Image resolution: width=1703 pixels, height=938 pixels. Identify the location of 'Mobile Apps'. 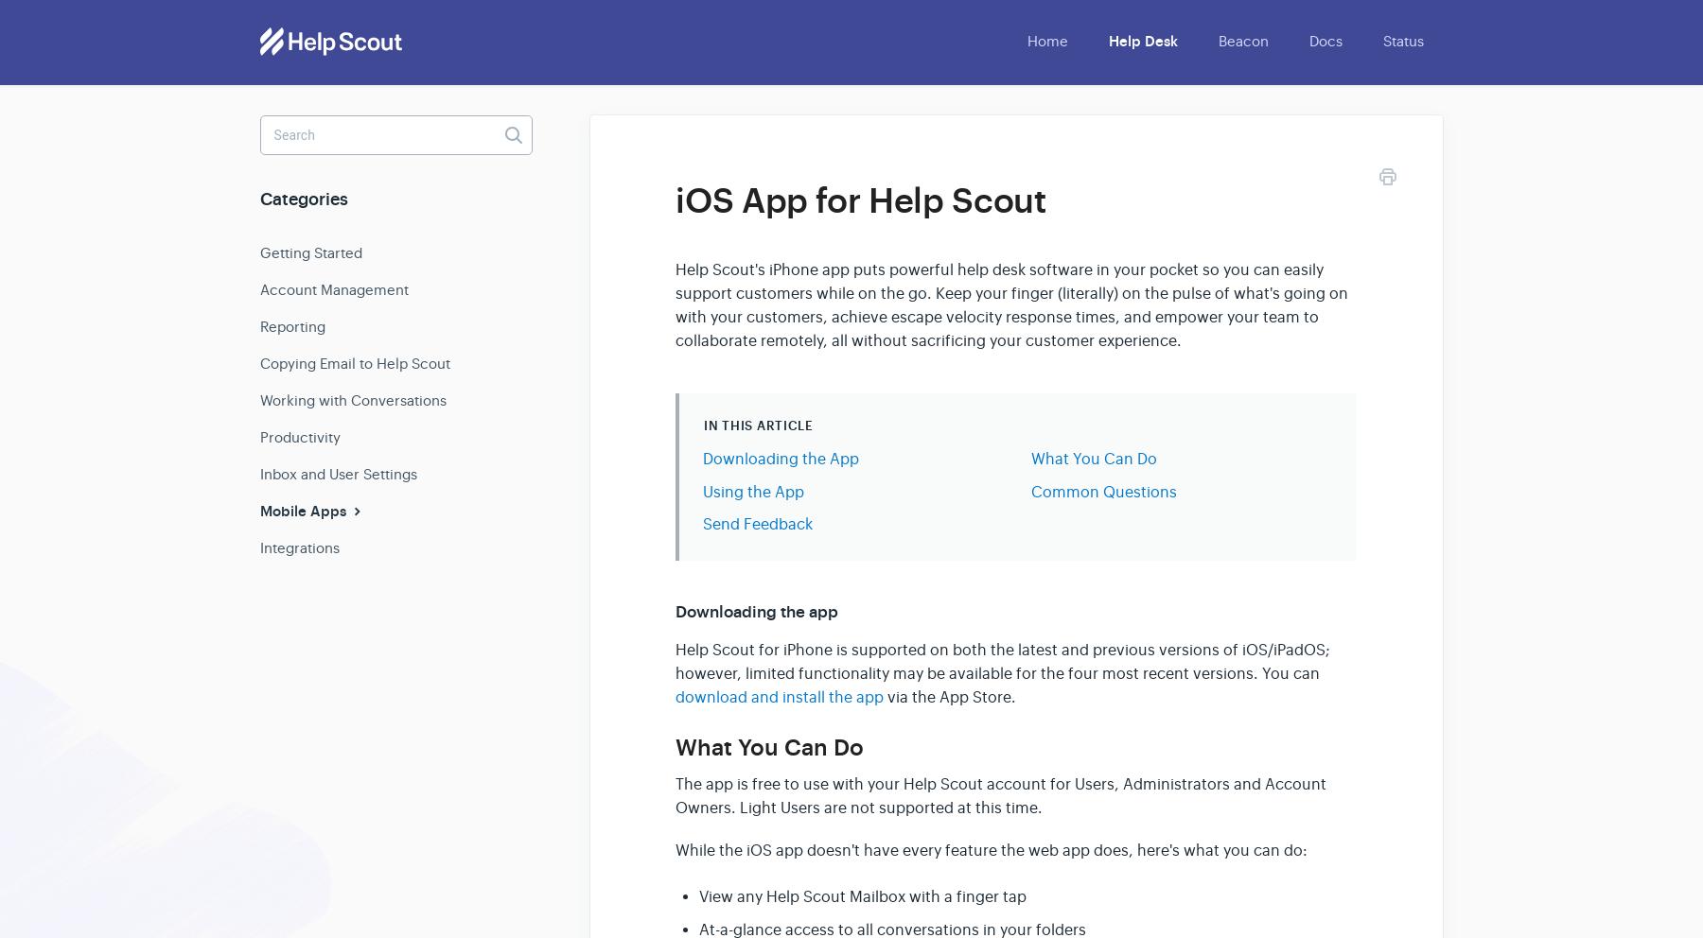
(304, 512).